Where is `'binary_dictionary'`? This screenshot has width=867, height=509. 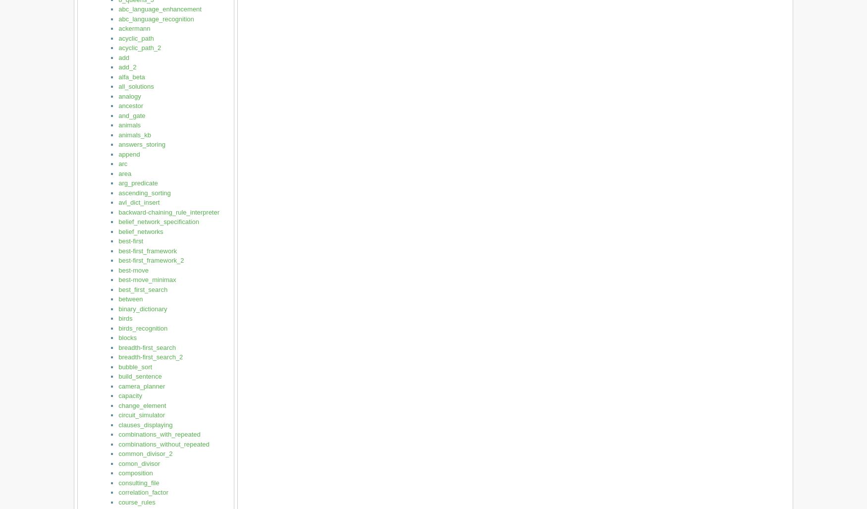
'binary_dictionary' is located at coordinates (118, 308).